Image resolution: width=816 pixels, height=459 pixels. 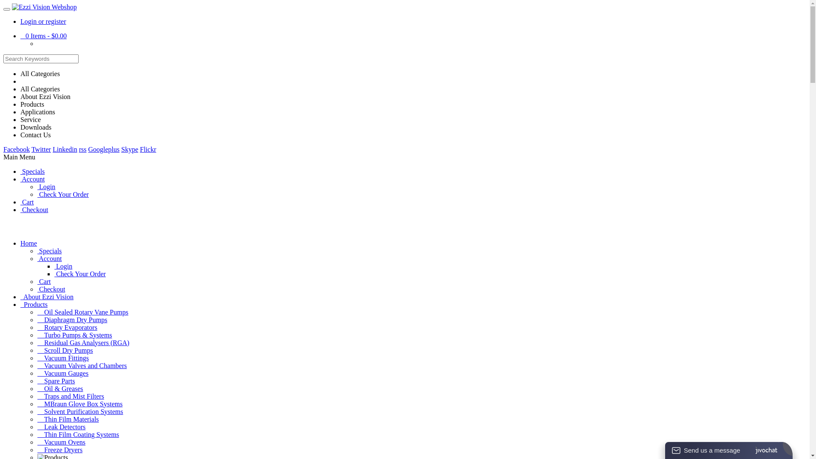 I want to click on '    Turbo Pumps & Systems', so click(x=75, y=334).